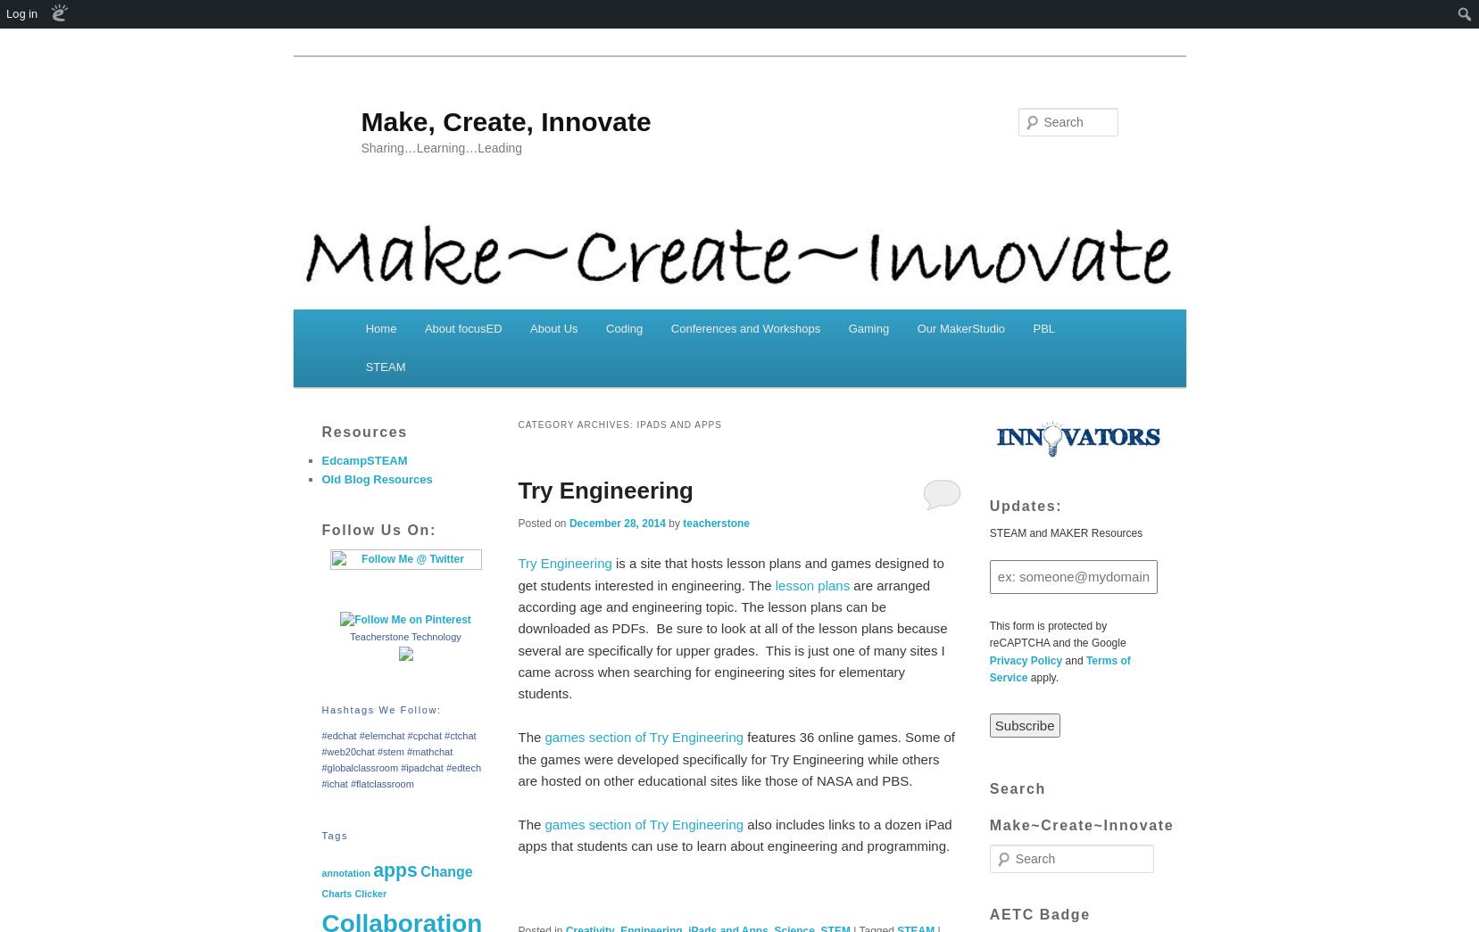  What do you see at coordinates (1081, 806) in the screenshot?
I see `'Search Make~Create~Innovate'` at bounding box center [1081, 806].